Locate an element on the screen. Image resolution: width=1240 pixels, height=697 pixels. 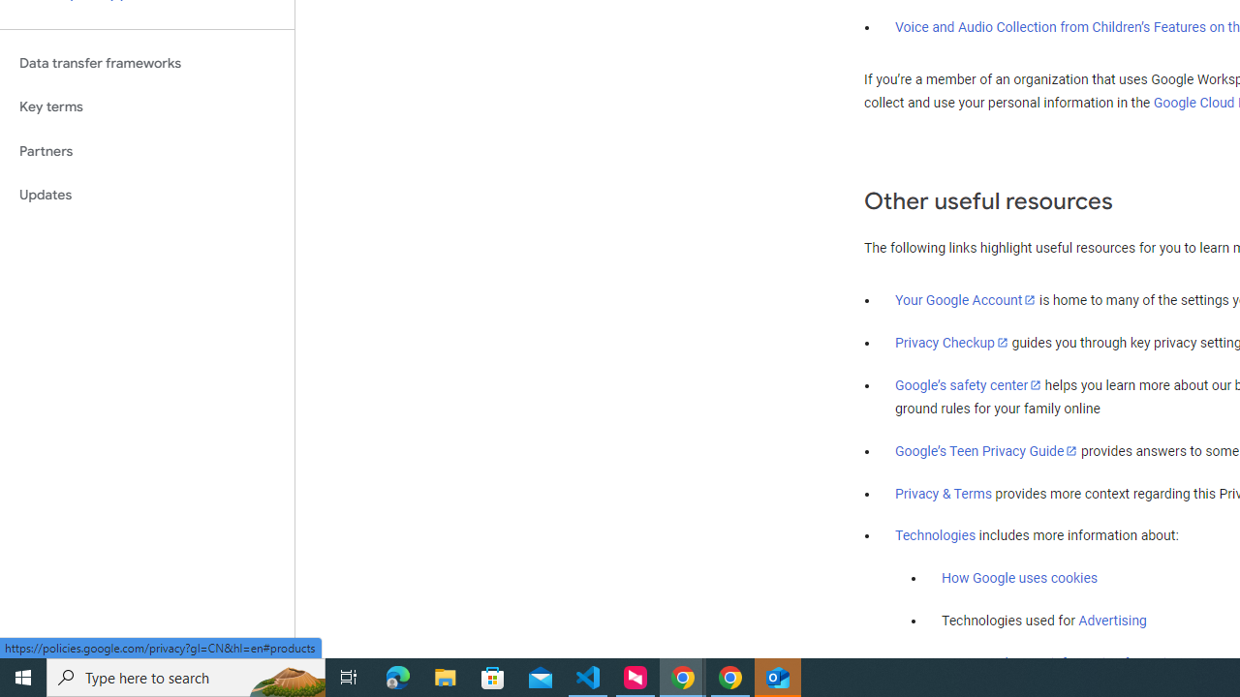
'Privacy Checkup' is located at coordinates (951, 341).